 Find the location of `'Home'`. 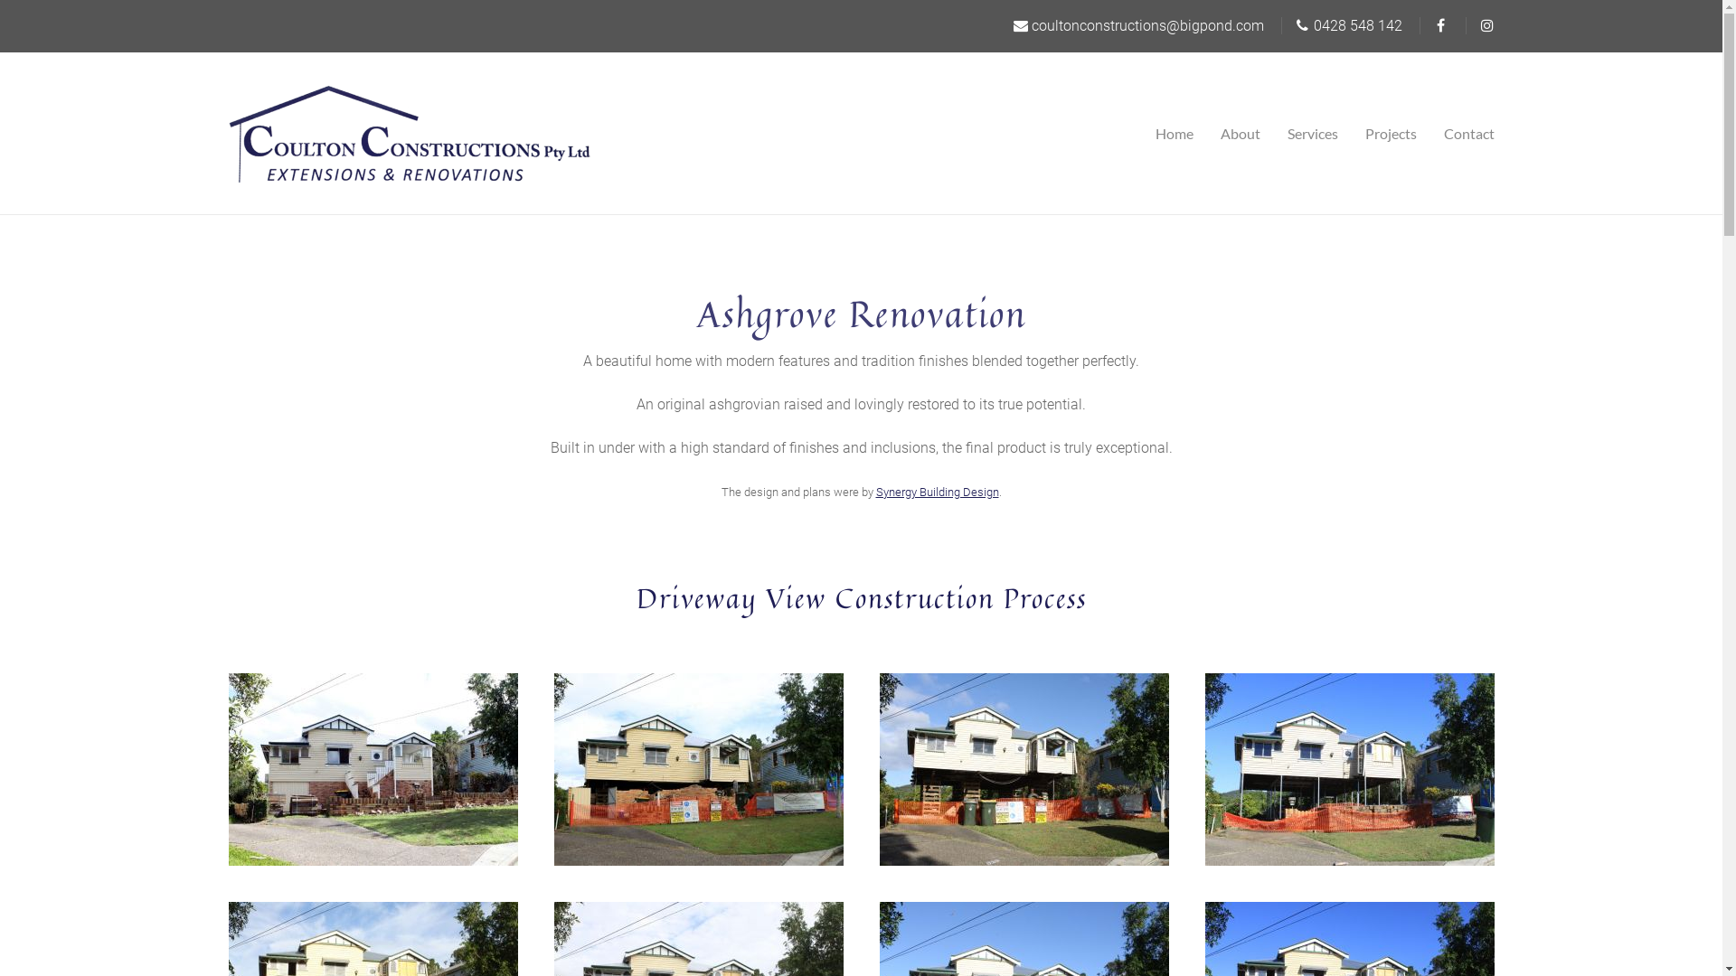

'Home' is located at coordinates (1181, 132).